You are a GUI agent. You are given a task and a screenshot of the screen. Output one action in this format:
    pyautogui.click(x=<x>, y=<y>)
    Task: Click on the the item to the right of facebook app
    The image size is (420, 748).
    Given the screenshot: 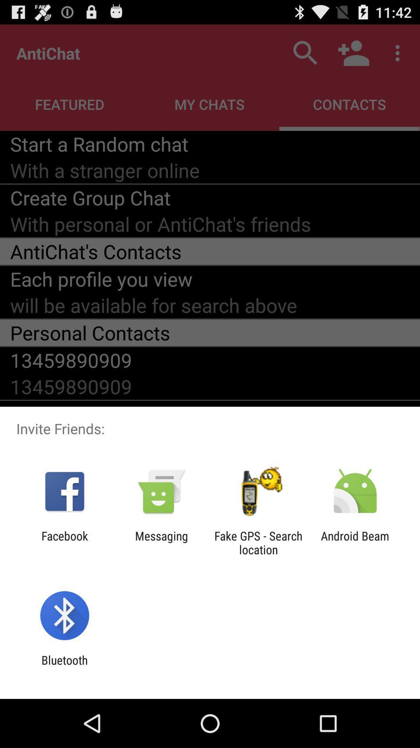 What is the action you would take?
    pyautogui.click(x=161, y=542)
    